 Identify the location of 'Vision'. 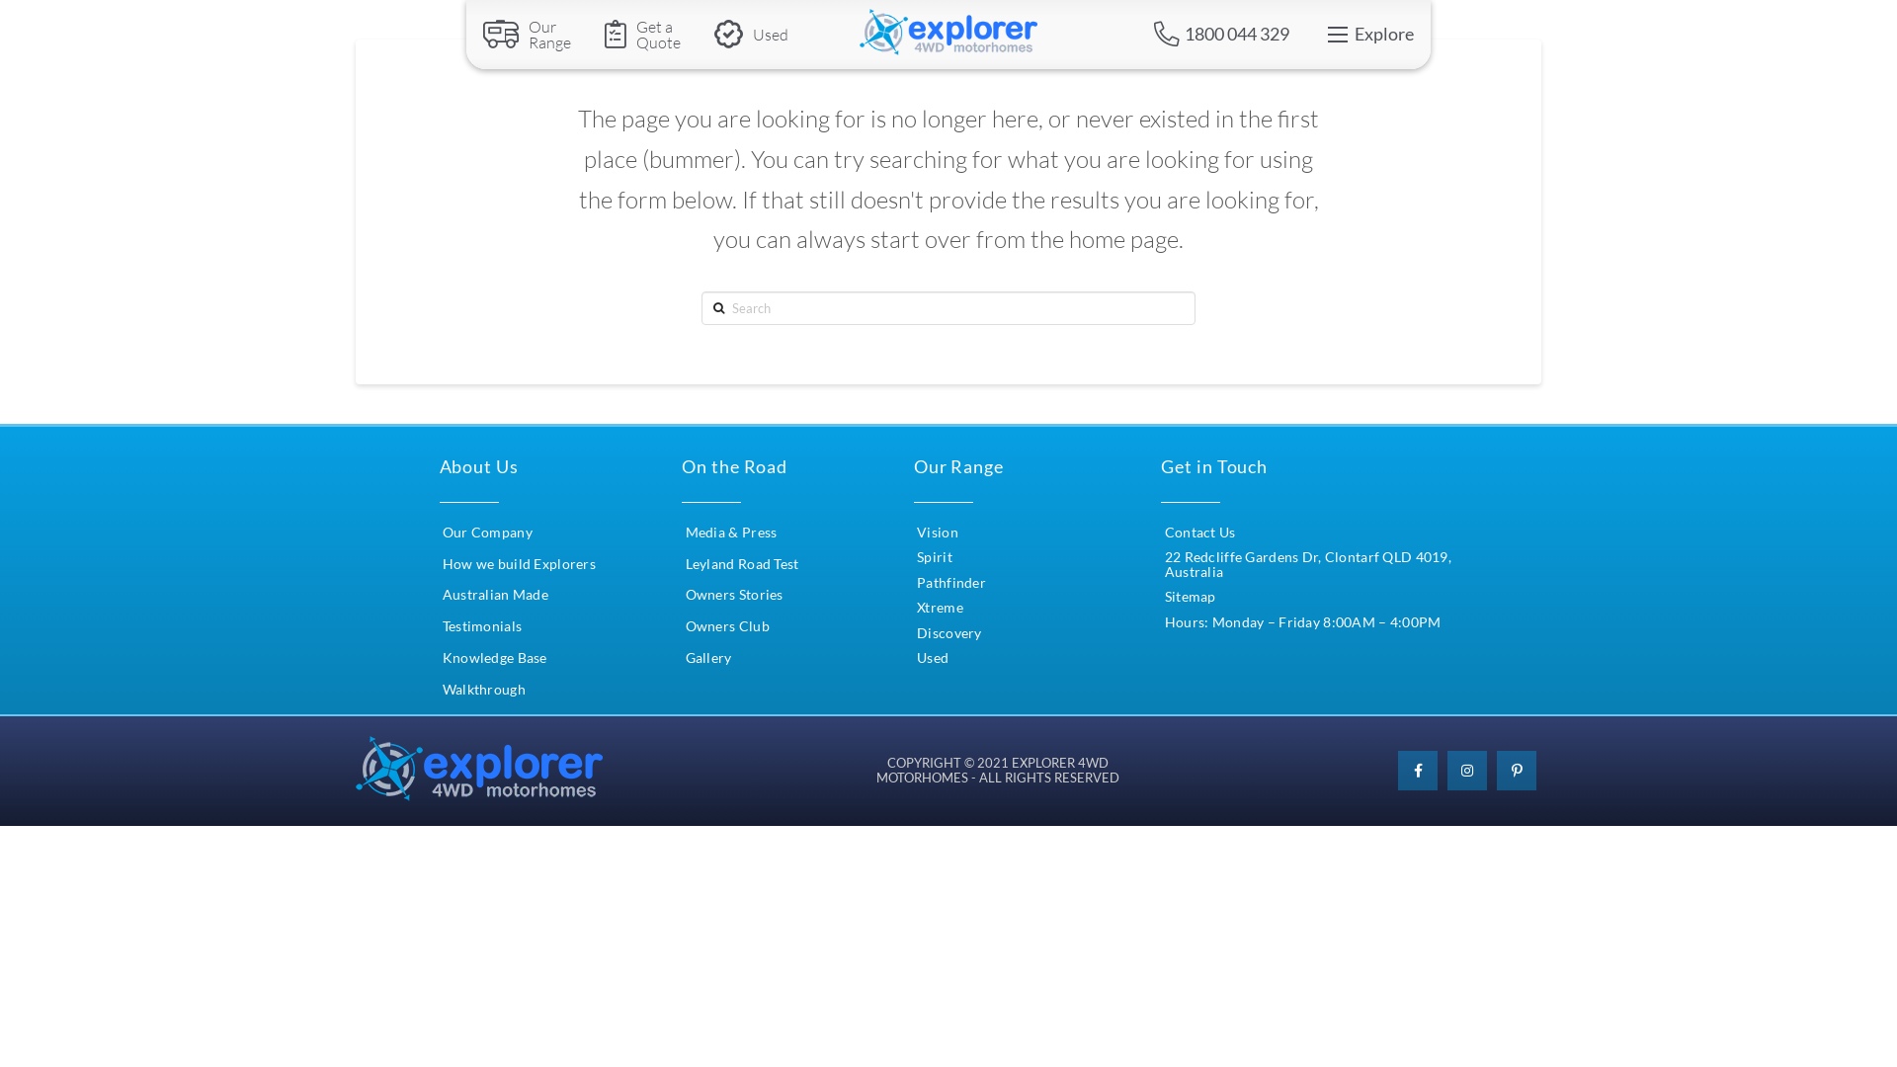
(936, 532).